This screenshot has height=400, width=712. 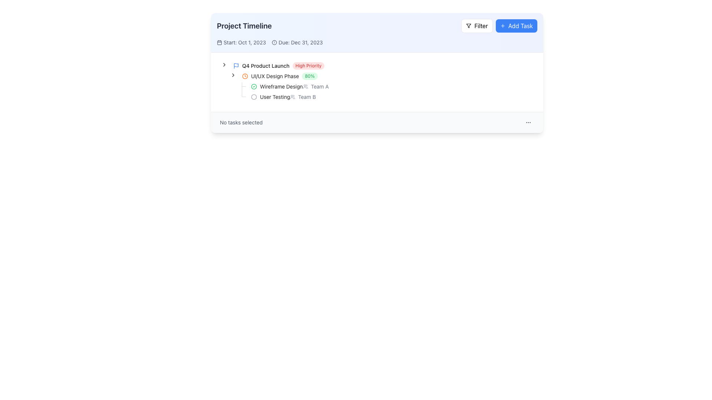 What do you see at coordinates (303, 97) in the screenshot?
I see `text label indicating 'User Testing' which is part of a project management interface, located near the bottom of the 'UI/UX Design Phase' section, following the 'User Testing' label and positioned to the right of the circular user group icon` at bounding box center [303, 97].